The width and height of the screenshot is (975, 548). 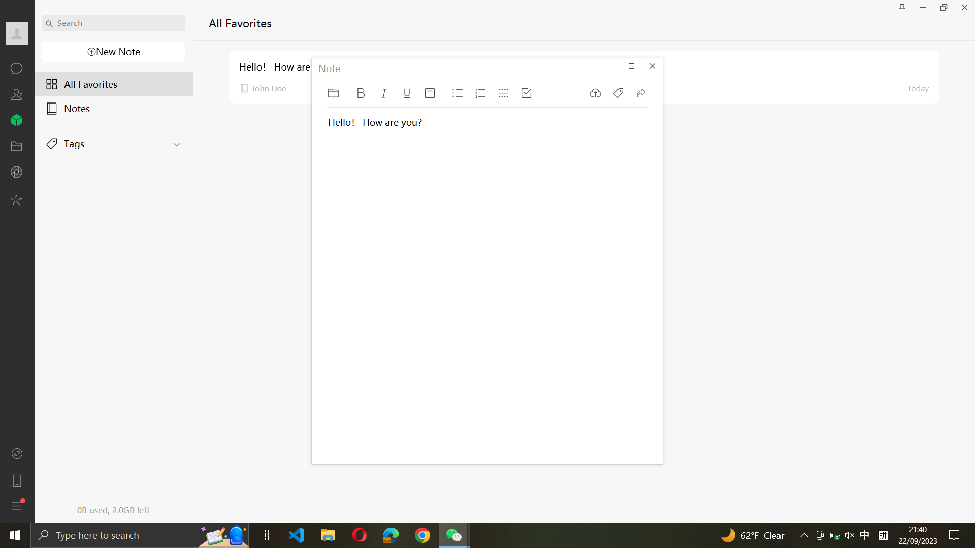 What do you see at coordinates (631, 65) in the screenshot?
I see `Adjust the note window to occupy the entire screen` at bounding box center [631, 65].